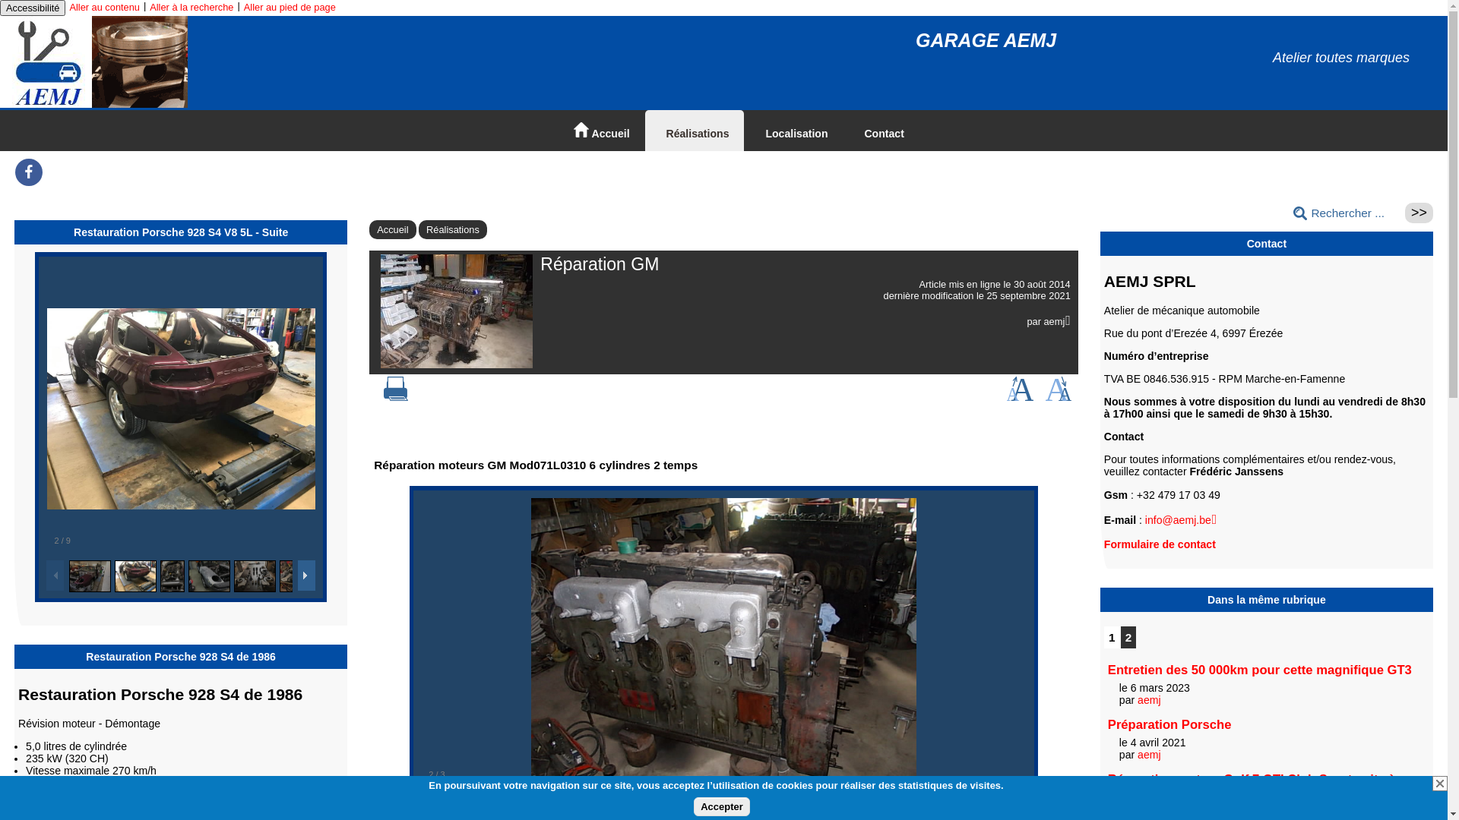  I want to click on '2', so click(1120, 637).